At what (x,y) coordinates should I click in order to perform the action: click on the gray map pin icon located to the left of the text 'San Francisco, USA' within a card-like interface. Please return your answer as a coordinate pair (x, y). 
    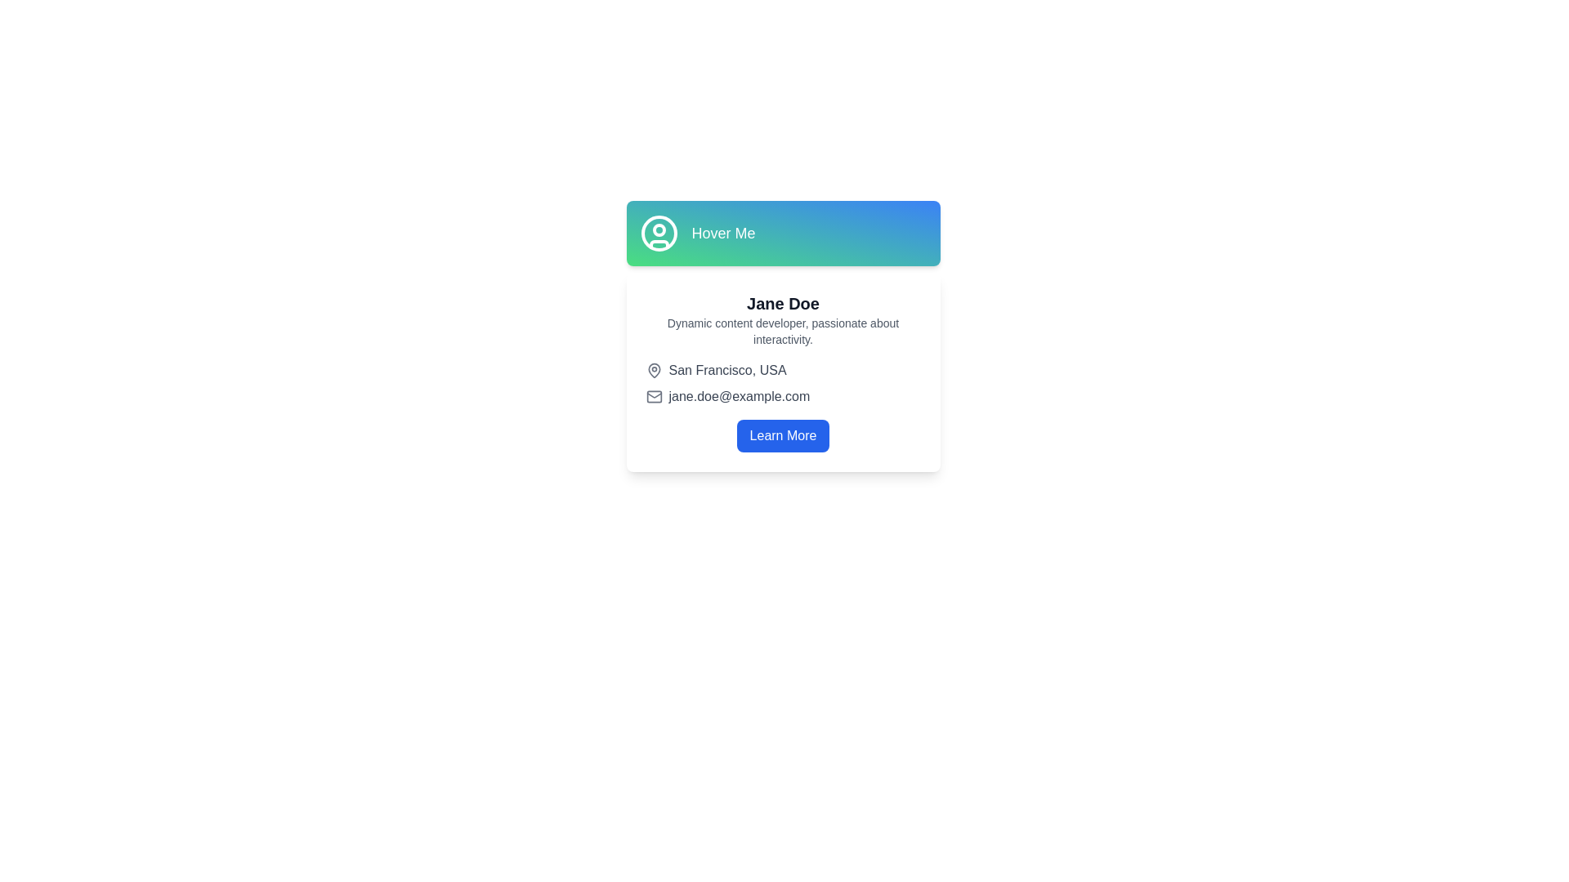
    Looking at the image, I should click on (654, 371).